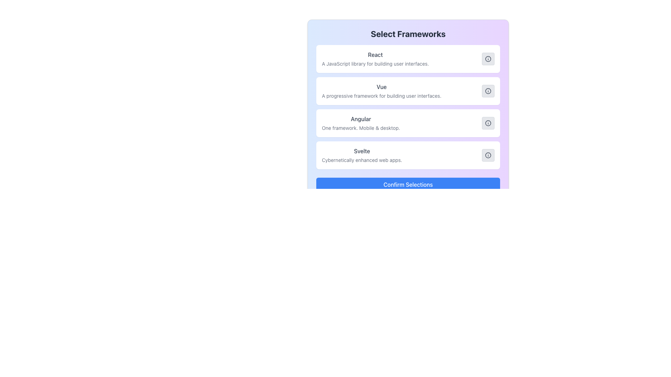  What do you see at coordinates (488, 59) in the screenshot?
I see `the small circular information icon located to the right of the text 'React' in the 'Select Frameworks' list` at bounding box center [488, 59].